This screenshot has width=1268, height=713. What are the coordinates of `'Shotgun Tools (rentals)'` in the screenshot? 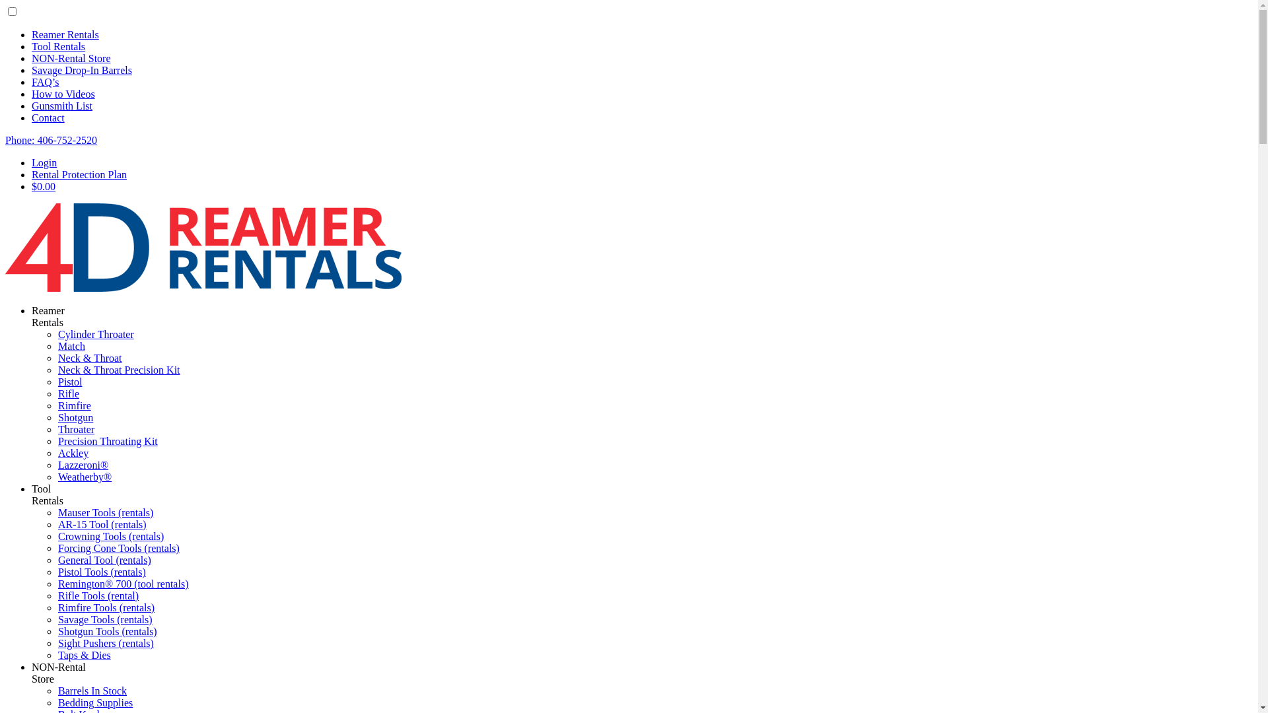 It's located at (108, 630).